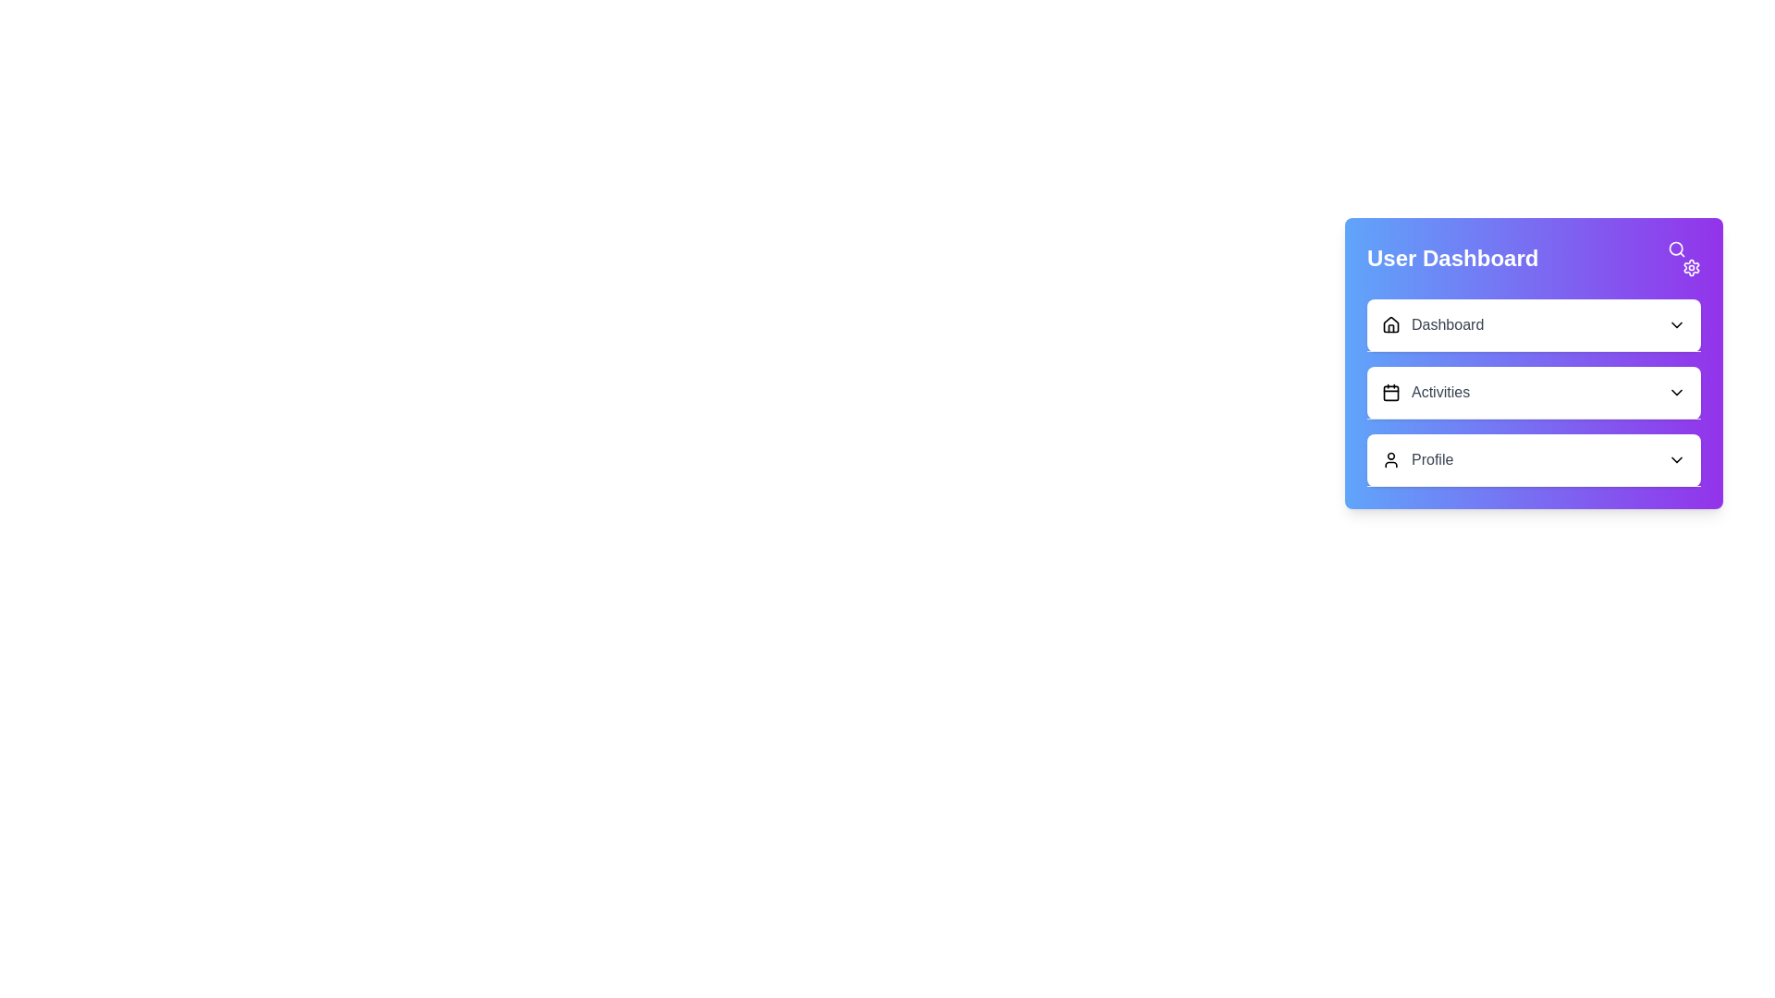 The height and width of the screenshot is (998, 1775). Describe the element at coordinates (1691, 267) in the screenshot. I see `the circular gear-like icon with a white color on a purple background located in the top-right corner of the 'User Dashboard' card` at that location.